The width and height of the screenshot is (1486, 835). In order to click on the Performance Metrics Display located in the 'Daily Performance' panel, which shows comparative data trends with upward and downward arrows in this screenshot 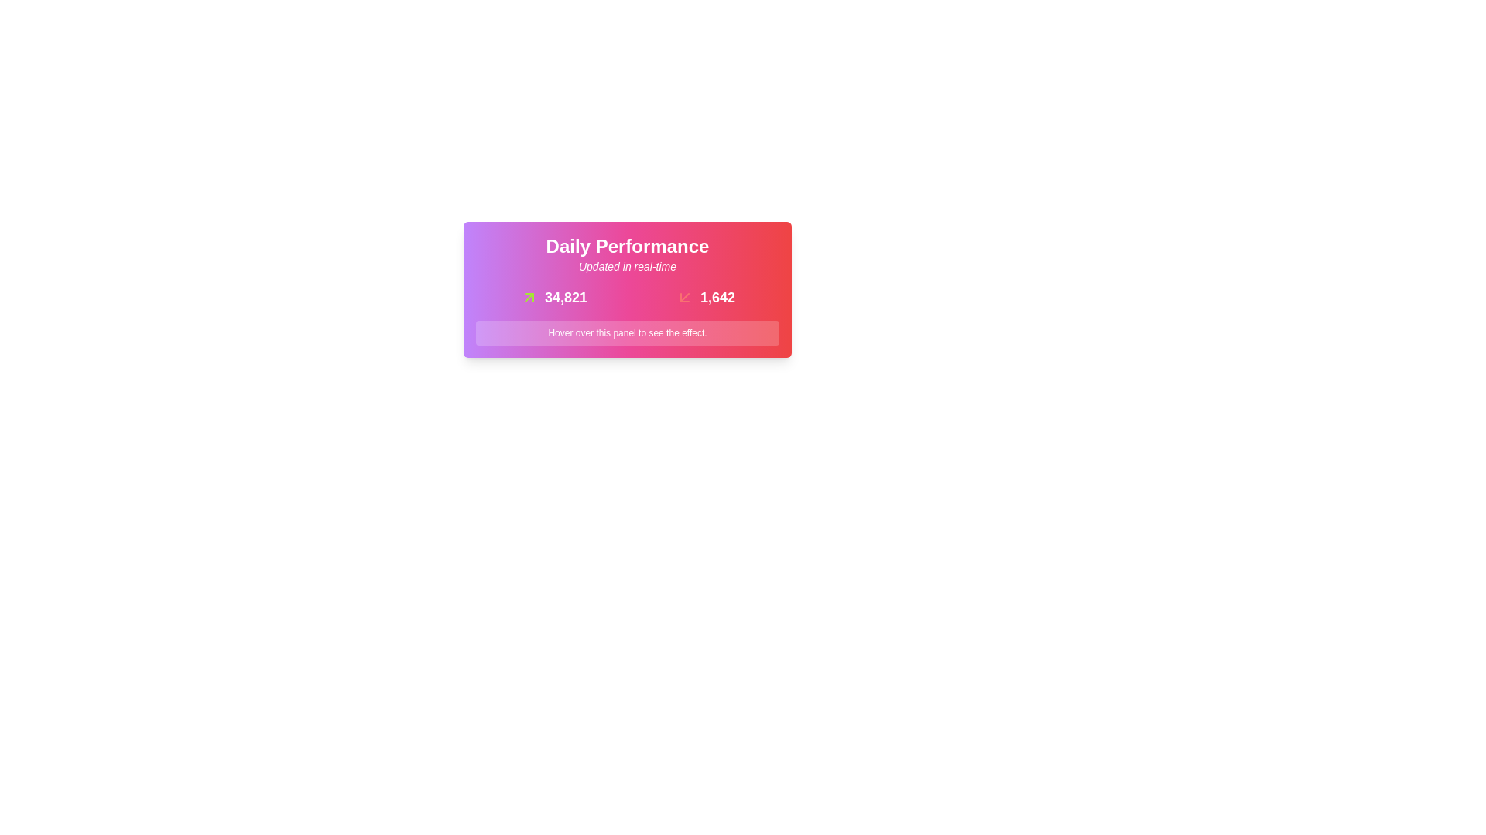, I will do `click(628, 295)`.